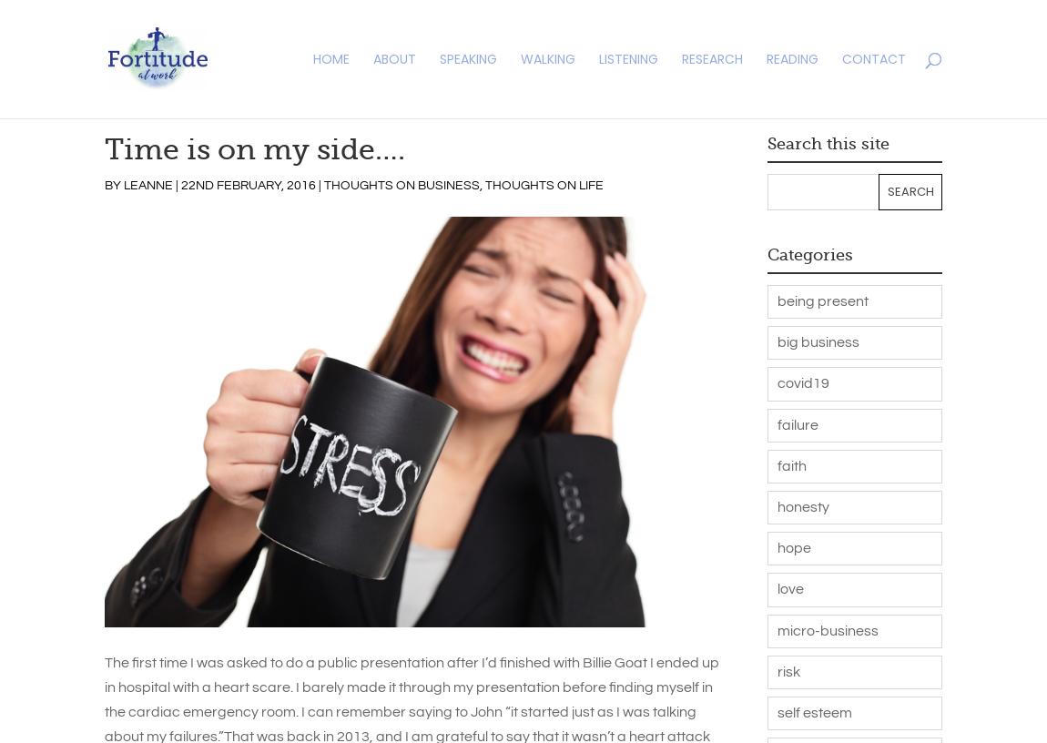 The height and width of the screenshot is (743, 1047). What do you see at coordinates (791, 463) in the screenshot?
I see `'faith'` at bounding box center [791, 463].